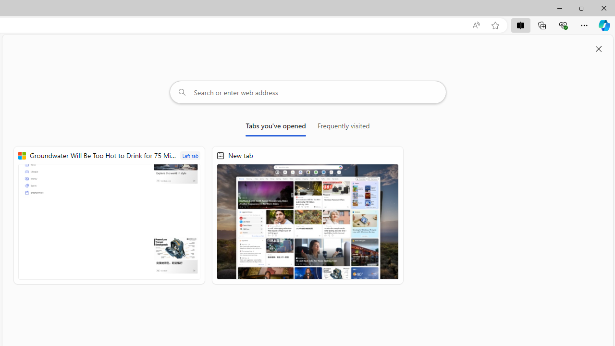 The height and width of the screenshot is (346, 615). Describe the element at coordinates (542, 25) in the screenshot. I see `'Collections'` at that location.